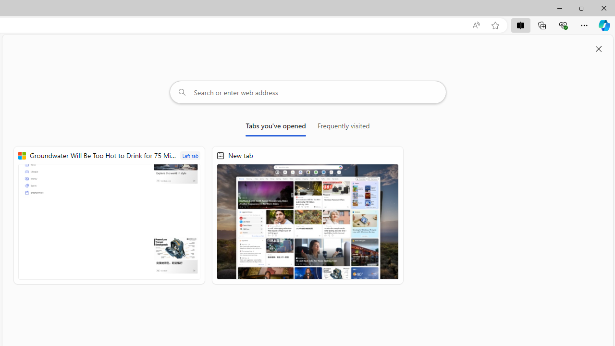 The height and width of the screenshot is (346, 615). Describe the element at coordinates (542, 25) in the screenshot. I see `'Collections'` at that location.